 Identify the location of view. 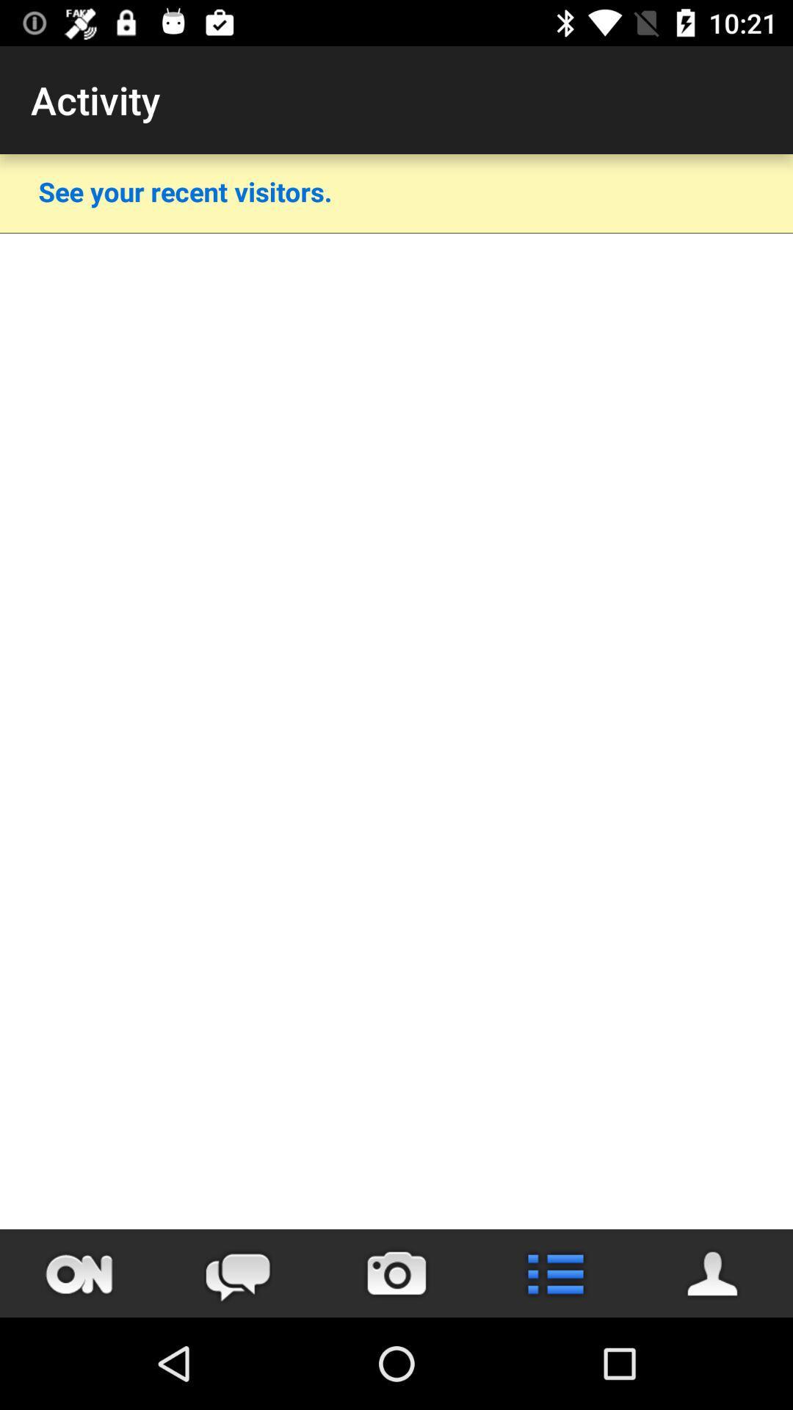
(713, 1273).